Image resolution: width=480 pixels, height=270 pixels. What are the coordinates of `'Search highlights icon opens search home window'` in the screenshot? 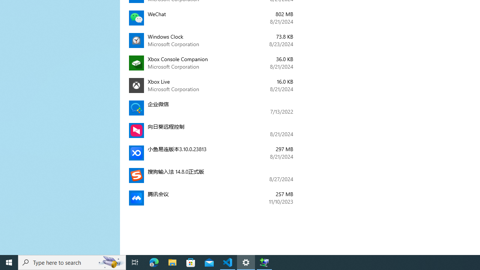 It's located at (110, 262).